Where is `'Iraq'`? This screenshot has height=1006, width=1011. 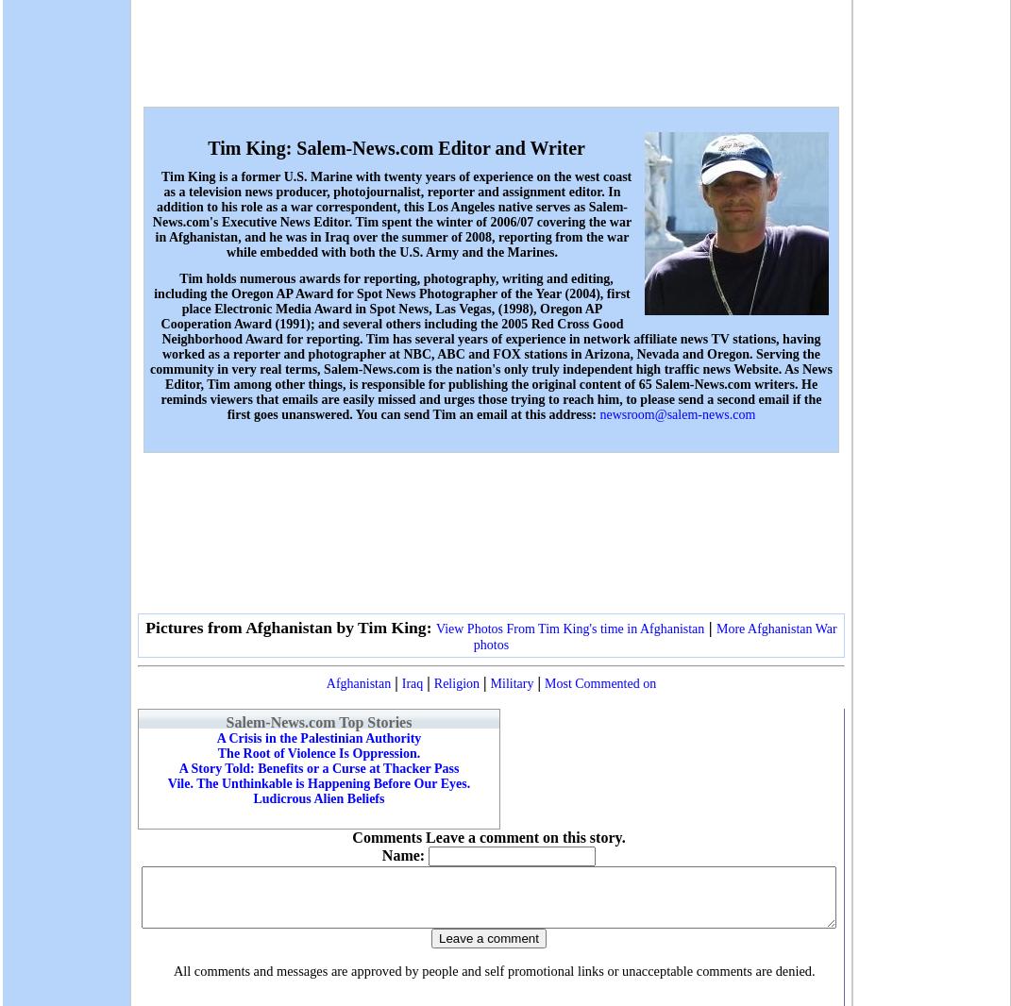
'Iraq' is located at coordinates (412, 681).